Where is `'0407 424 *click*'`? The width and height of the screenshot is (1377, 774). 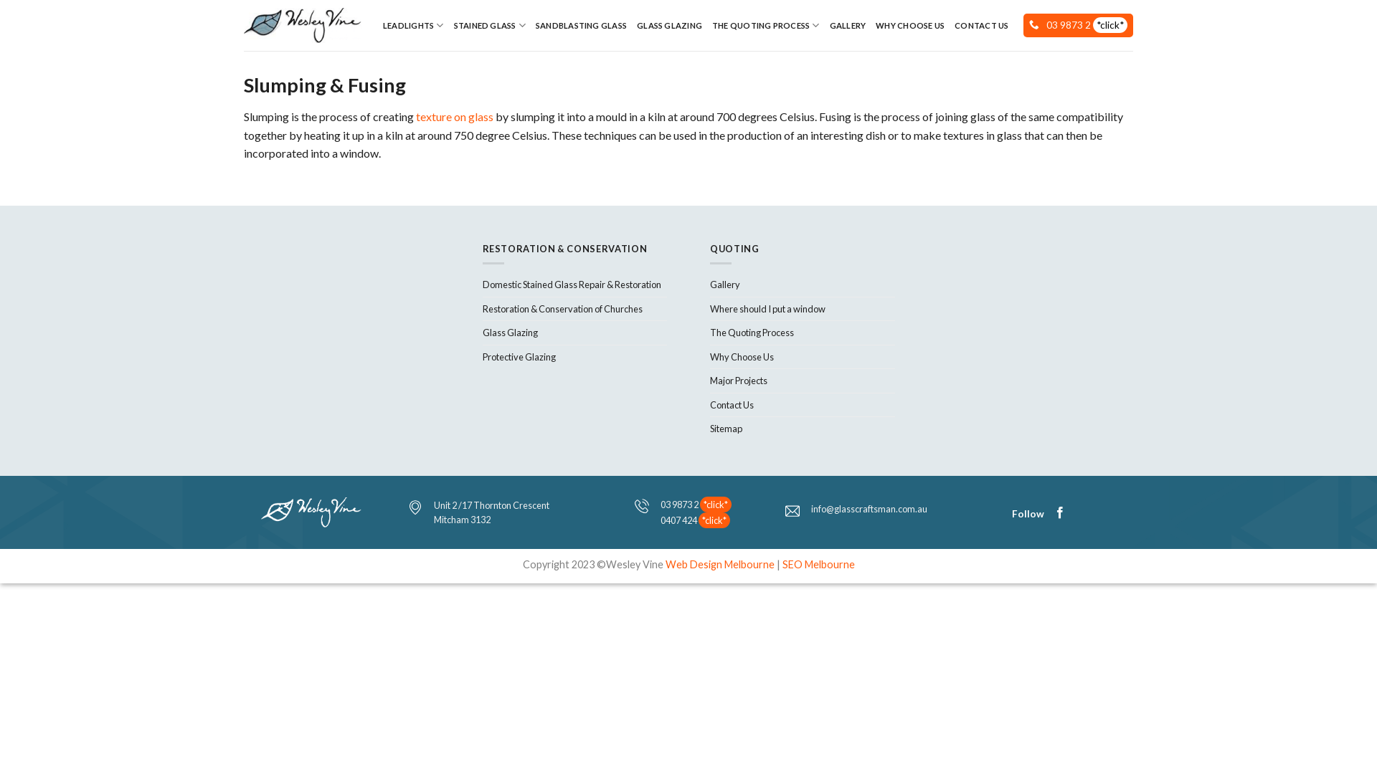
'0407 424 *click*' is located at coordinates (695, 520).